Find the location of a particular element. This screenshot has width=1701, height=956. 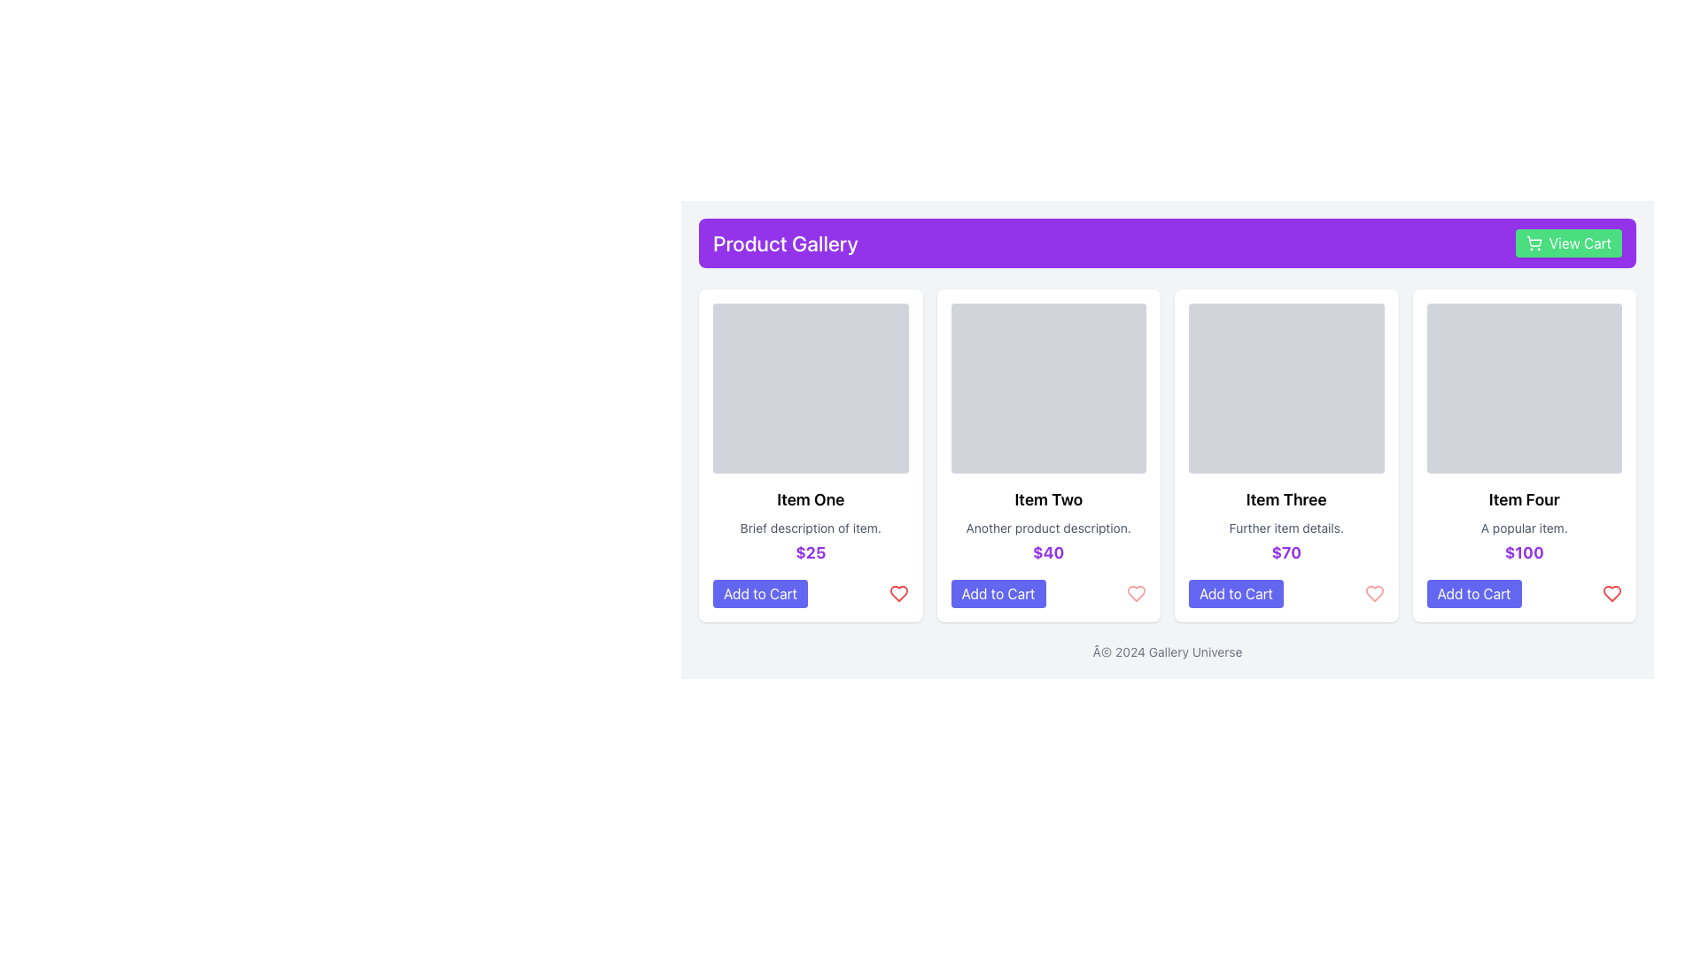

the 'Product Gallery' text label, which is styled with a larger bold white font on a purple background, located in the top-left corner of the header bar is located at coordinates (784, 243).